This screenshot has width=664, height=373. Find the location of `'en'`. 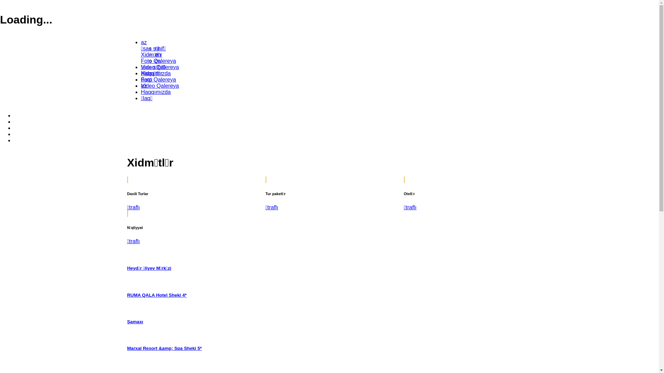

'en' is located at coordinates (157, 54).